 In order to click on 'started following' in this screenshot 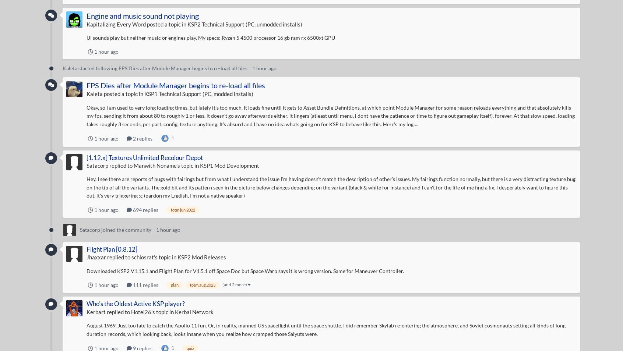, I will do `click(97, 68)`.